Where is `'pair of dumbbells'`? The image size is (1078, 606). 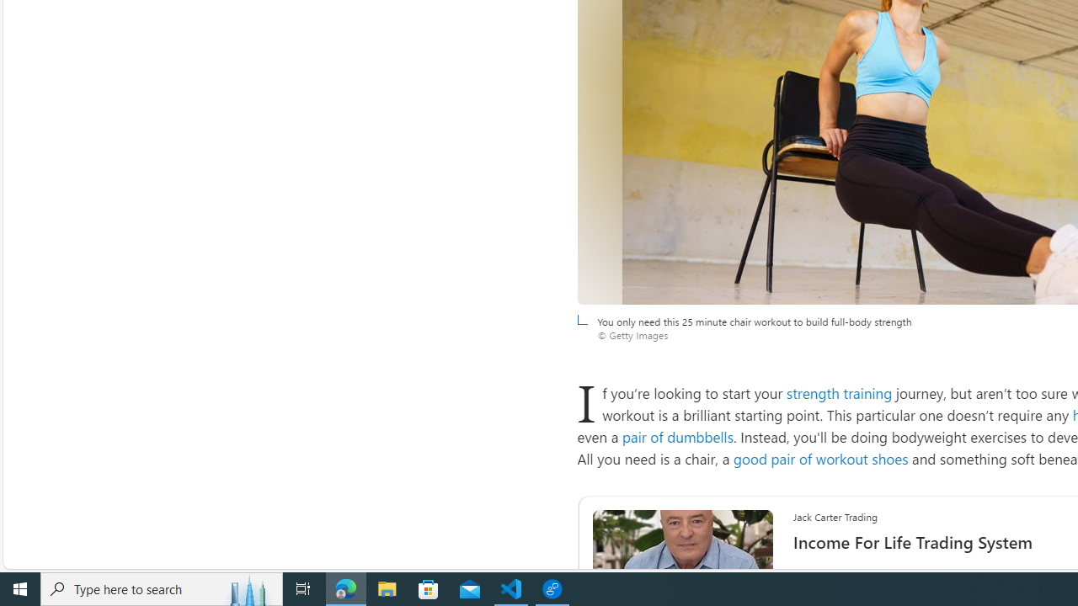 'pair of dumbbells' is located at coordinates (677, 436).